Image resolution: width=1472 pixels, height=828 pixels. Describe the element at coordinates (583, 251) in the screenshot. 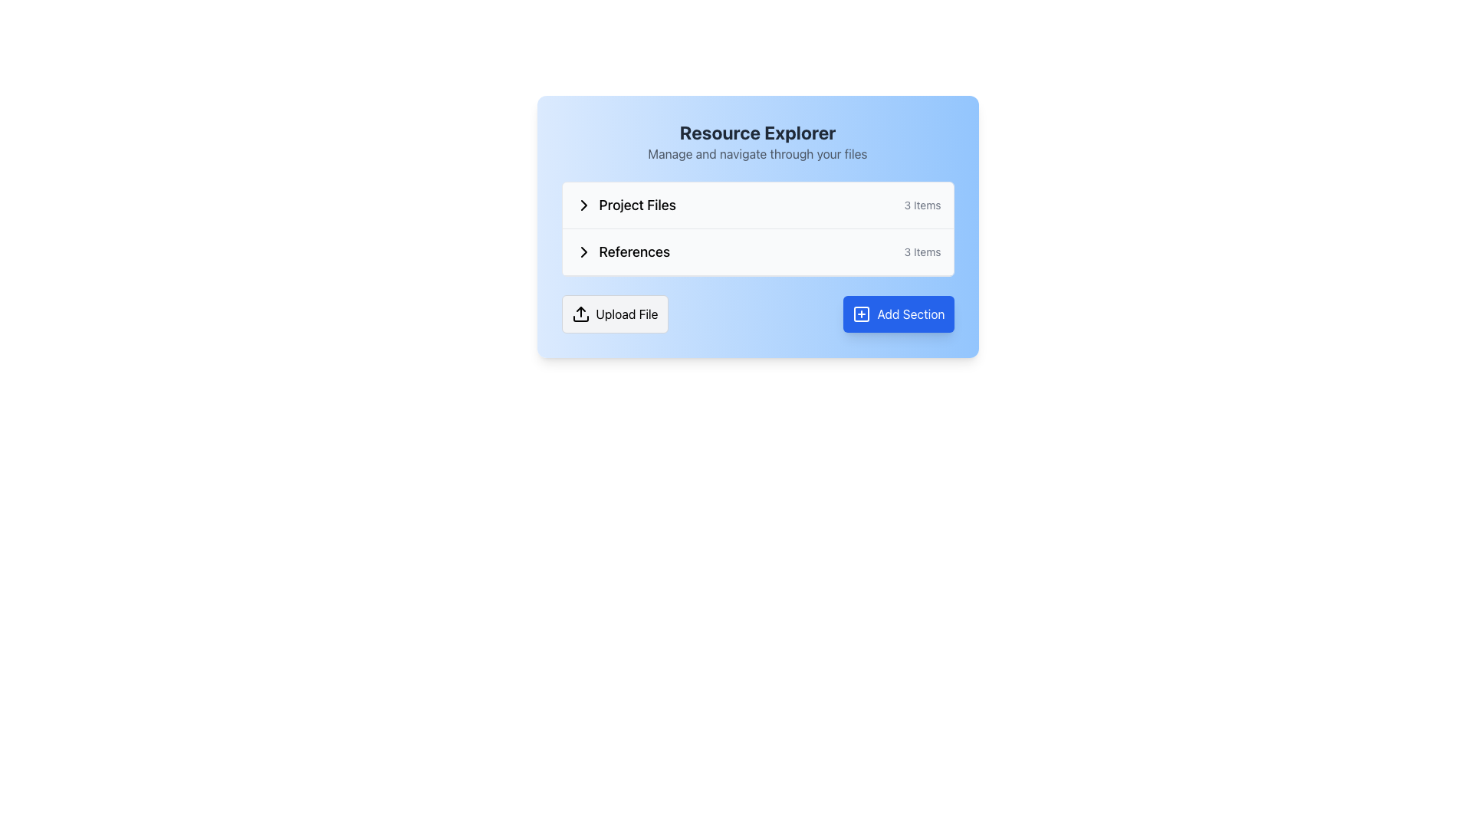

I see `the right-pointing chevron icon located in the 'References' row of the 'Resource Explorer' box` at that location.